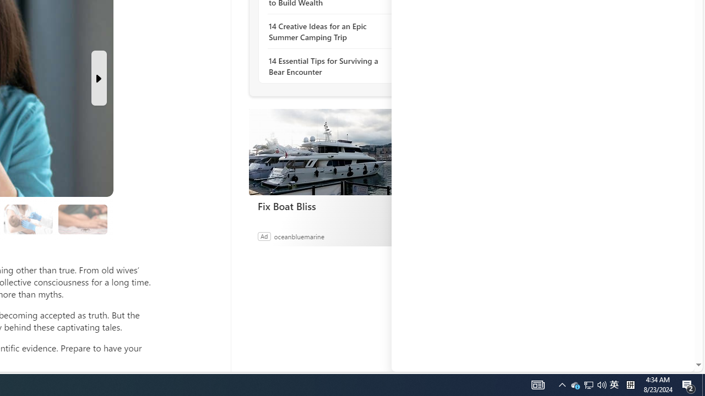  What do you see at coordinates (328, 66) in the screenshot?
I see `'14 Essential Tips for Surviving a Bear Encounter'` at bounding box center [328, 66].